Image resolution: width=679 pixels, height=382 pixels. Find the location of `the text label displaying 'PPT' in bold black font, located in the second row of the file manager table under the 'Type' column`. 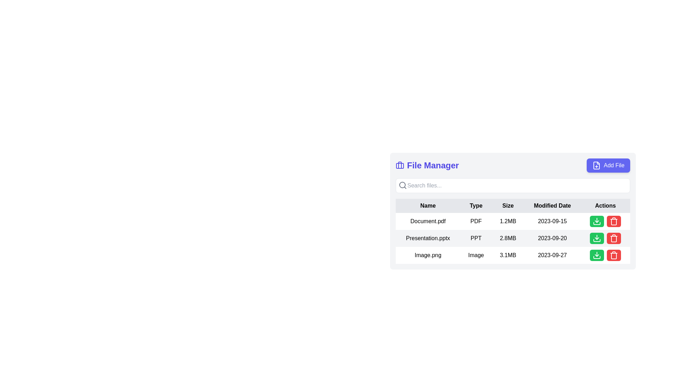

the text label displaying 'PPT' in bold black font, located in the second row of the file manager table under the 'Type' column is located at coordinates (476, 238).